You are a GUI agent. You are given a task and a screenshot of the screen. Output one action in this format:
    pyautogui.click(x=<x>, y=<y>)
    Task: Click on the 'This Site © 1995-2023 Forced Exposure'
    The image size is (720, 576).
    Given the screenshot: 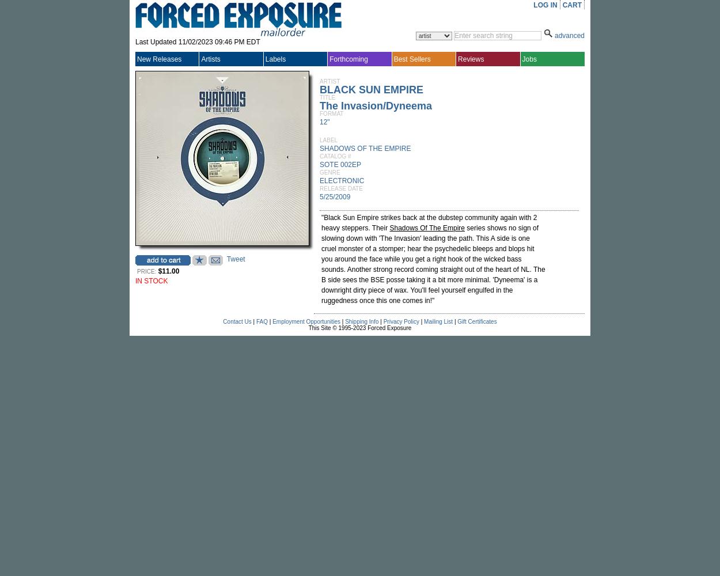 What is the action you would take?
    pyautogui.click(x=308, y=327)
    